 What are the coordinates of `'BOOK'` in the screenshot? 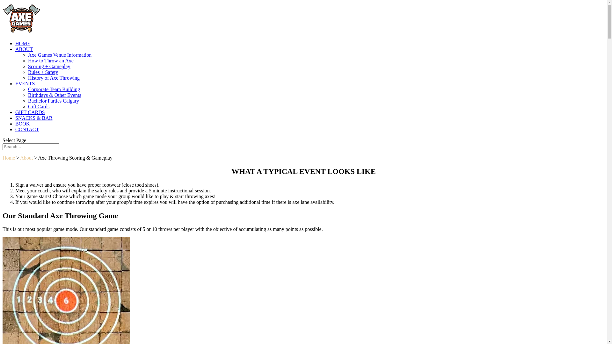 It's located at (22, 124).